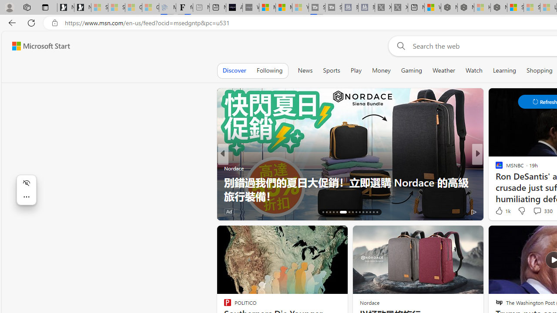 This screenshot has width=557, height=313. I want to click on 'AutomationID: tab-21', so click(342, 212).